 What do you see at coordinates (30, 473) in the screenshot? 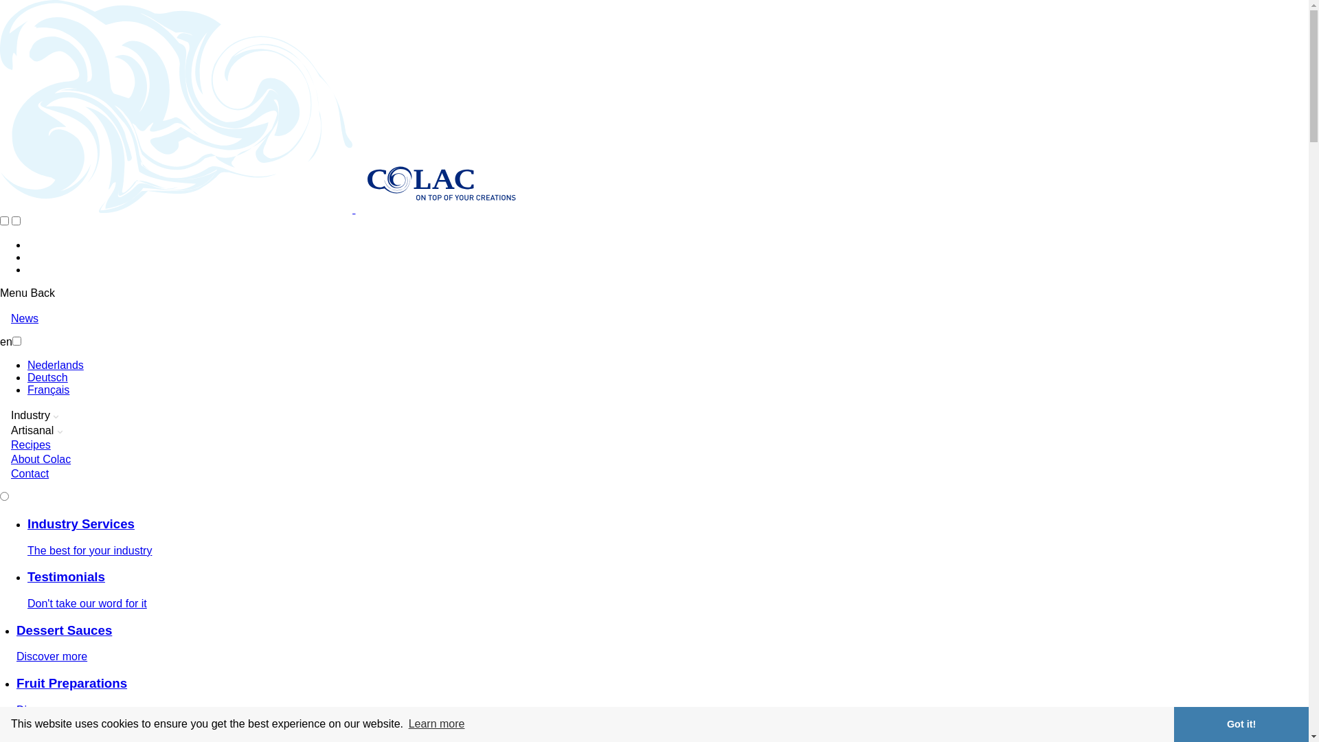
I see `'Contact'` at bounding box center [30, 473].